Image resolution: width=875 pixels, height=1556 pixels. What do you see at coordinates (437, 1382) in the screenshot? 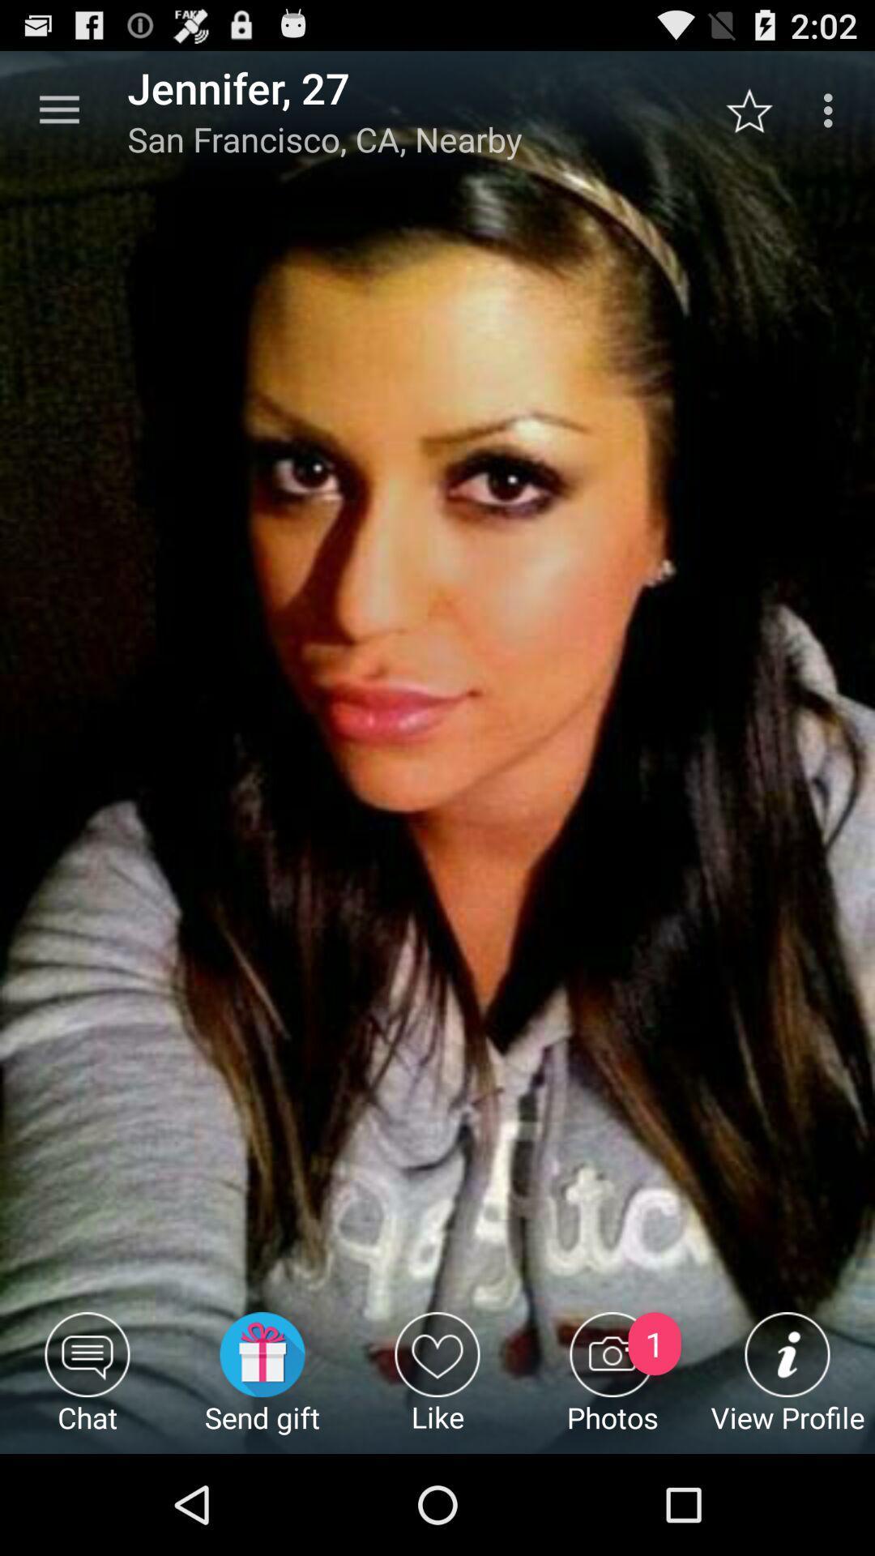
I see `item next to the send gift item` at bounding box center [437, 1382].